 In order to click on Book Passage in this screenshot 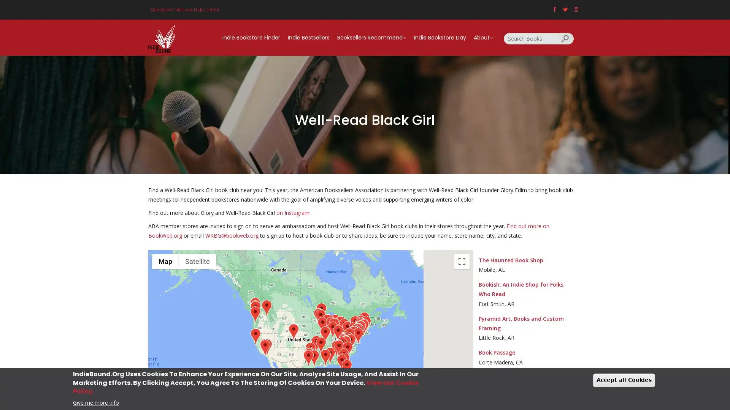, I will do `click(255, 336)`.